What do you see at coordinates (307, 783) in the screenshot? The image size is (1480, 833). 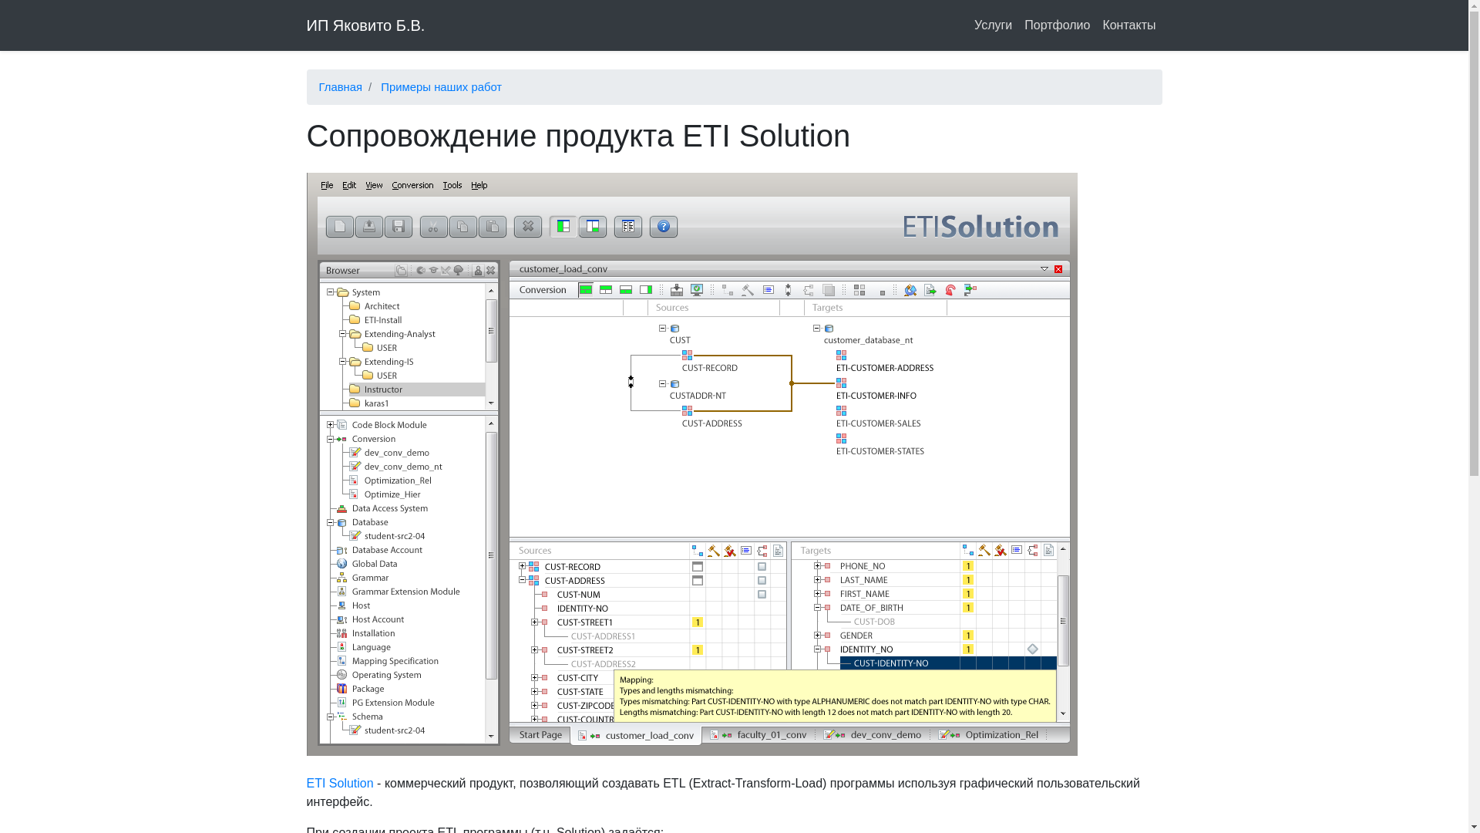 I see `'ETI Solution'` at bounding box center [307, 783].